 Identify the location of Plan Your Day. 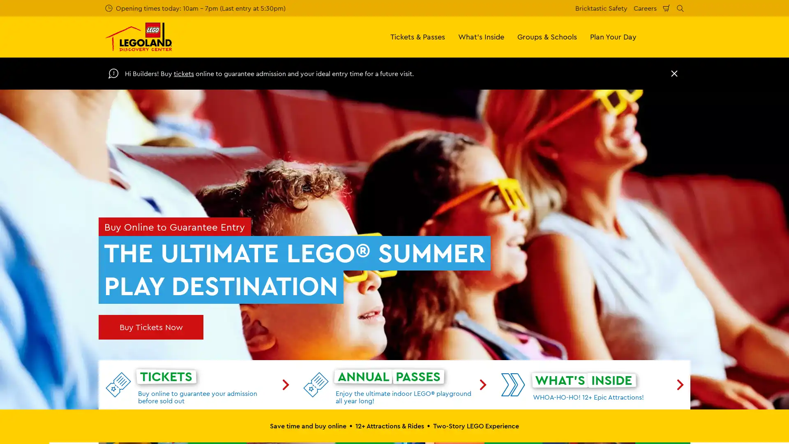
(613, 36).